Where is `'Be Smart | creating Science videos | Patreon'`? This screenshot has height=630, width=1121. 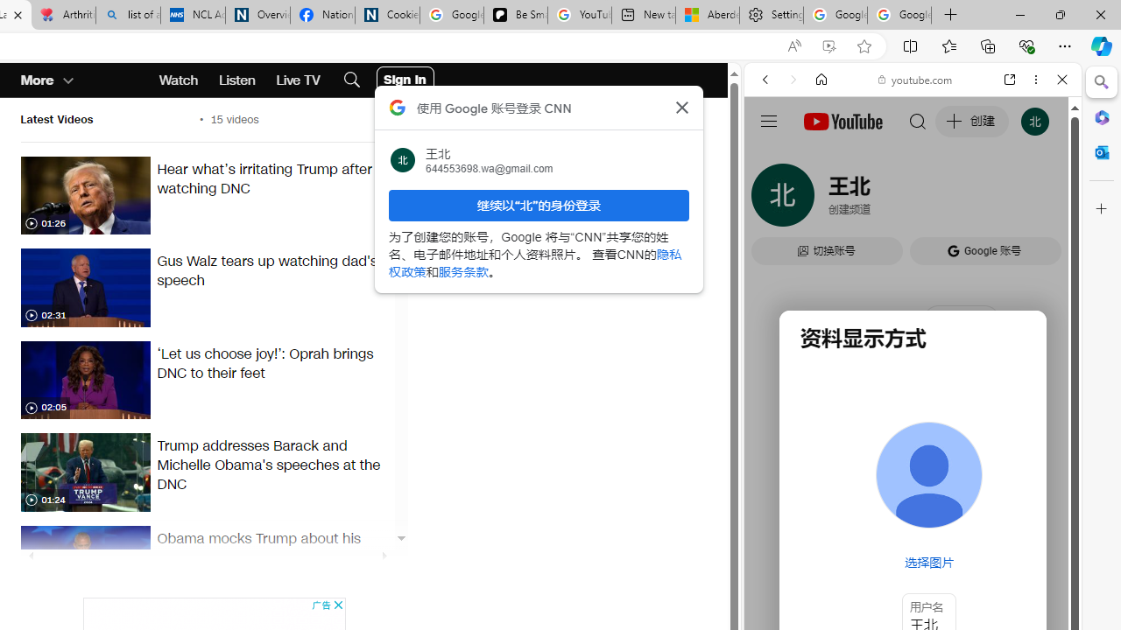 'Be Smart | creating Science videos | Patreon' is located at coordinates (514, 15).